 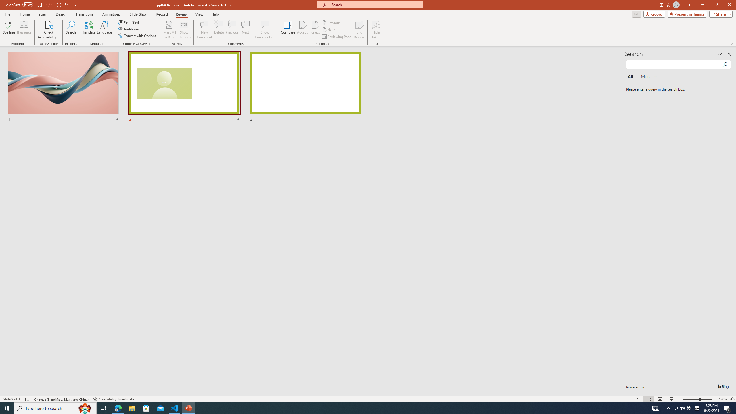 What do you see at coordinates (315, 24) in the screenshot?
I see `'Reject Change'` at bounding box center [315, 24].